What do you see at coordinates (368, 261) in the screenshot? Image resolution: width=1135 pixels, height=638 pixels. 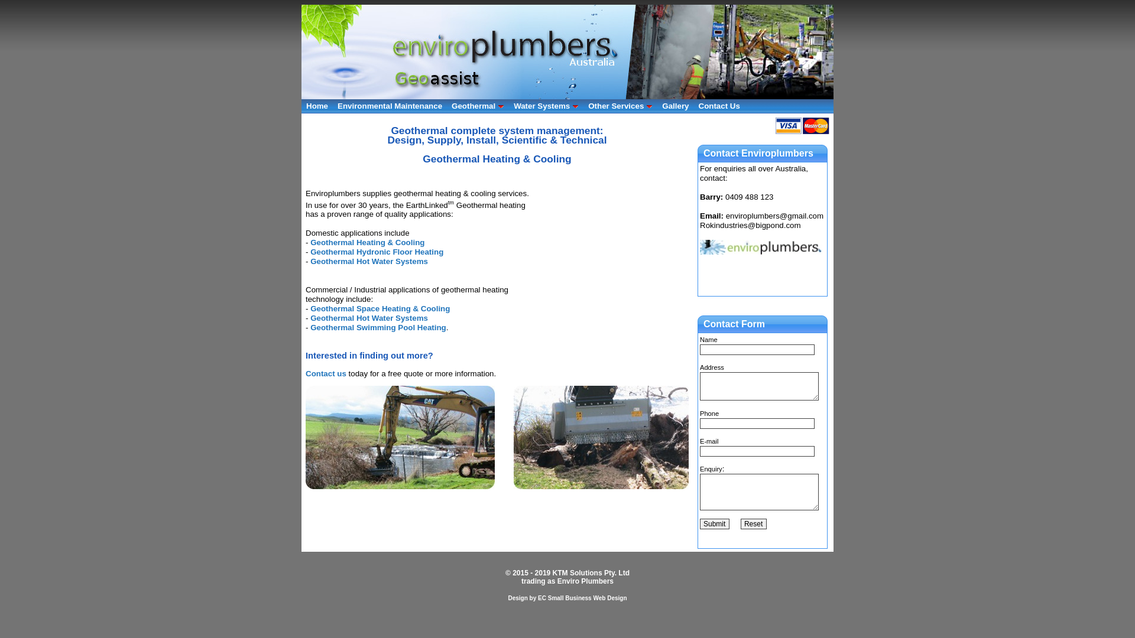 I see `'Geothermal Hot Water Systems'` at bounding box center [368, 261].